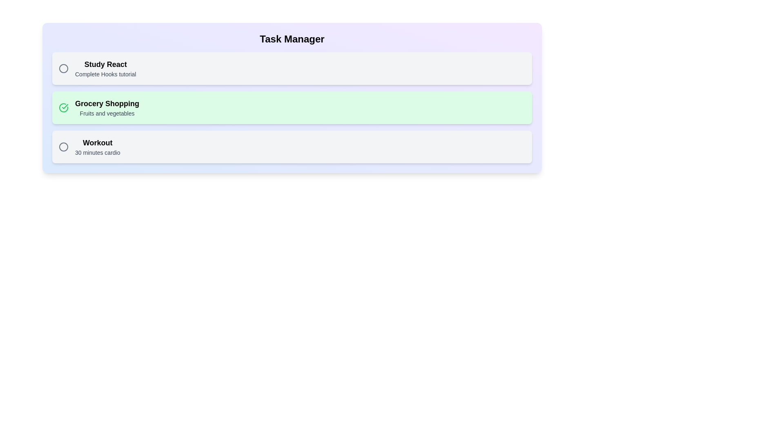 Image resolution: width=784 pixels, height=441 pixels. Describe the element at coordinates (63, 68) in the screenshot. I see `the circular status indicator for the 'Study React' task located in the topmost task row` at that location.